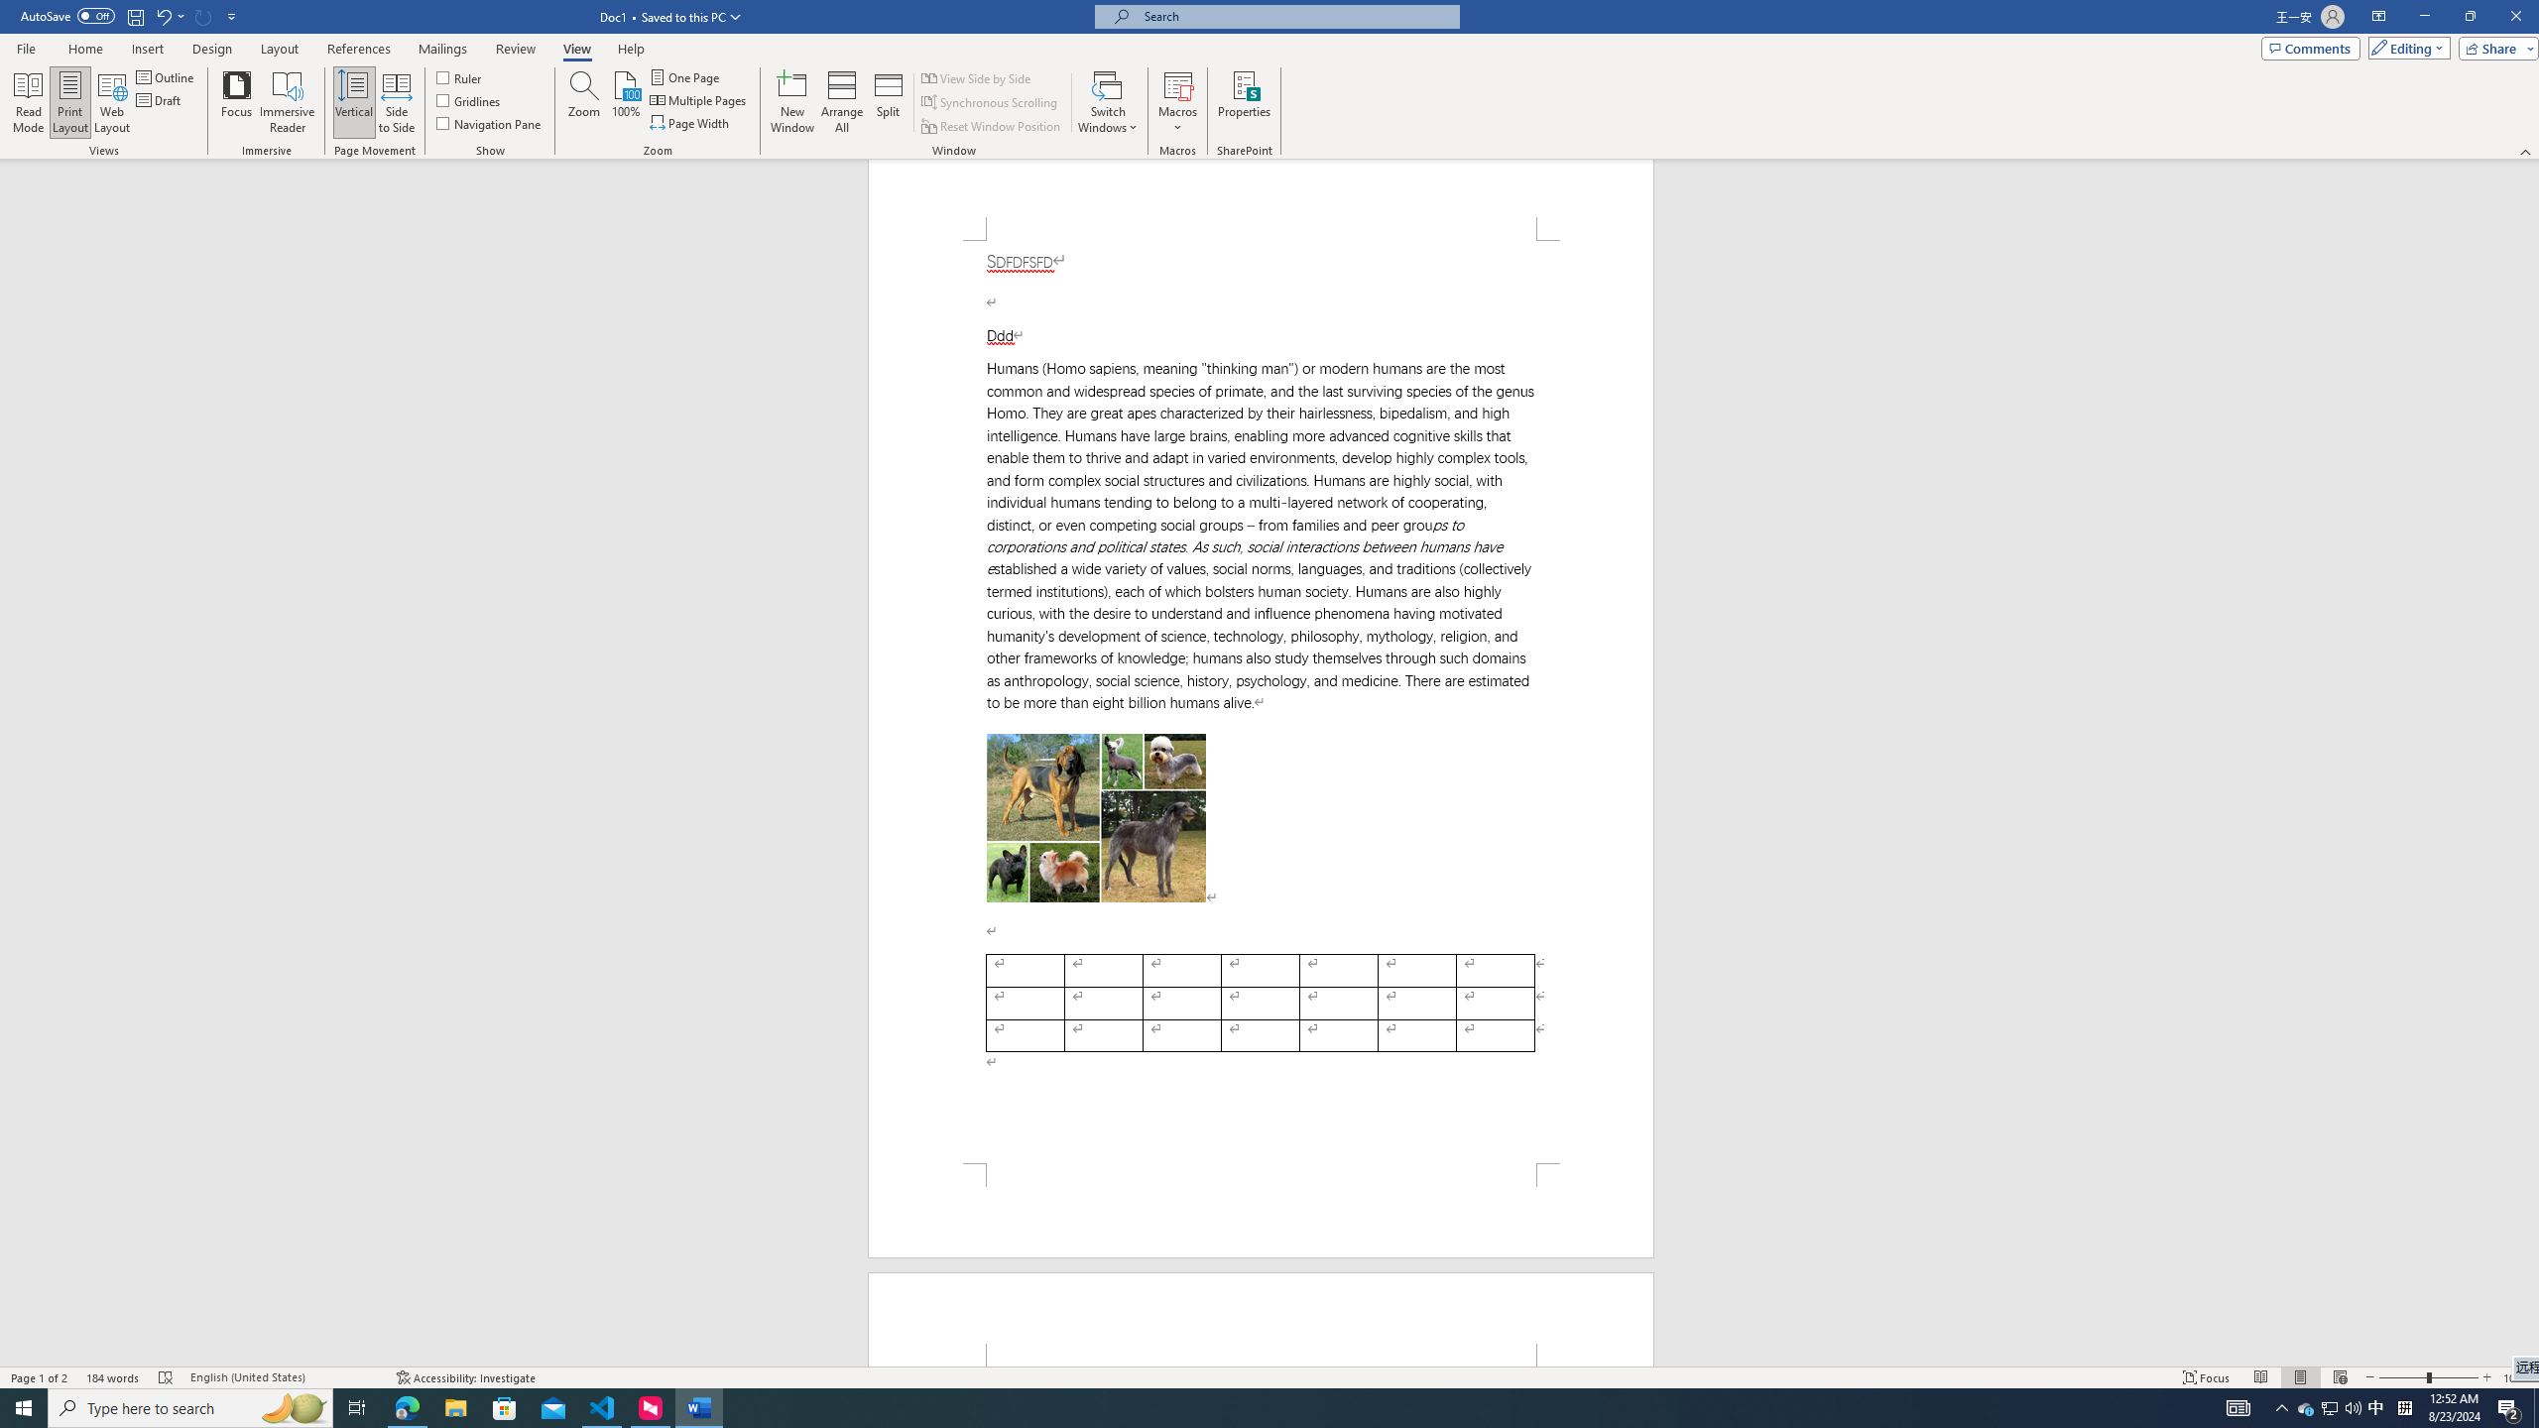  I want to click on 'Outline', so click(166, 76).